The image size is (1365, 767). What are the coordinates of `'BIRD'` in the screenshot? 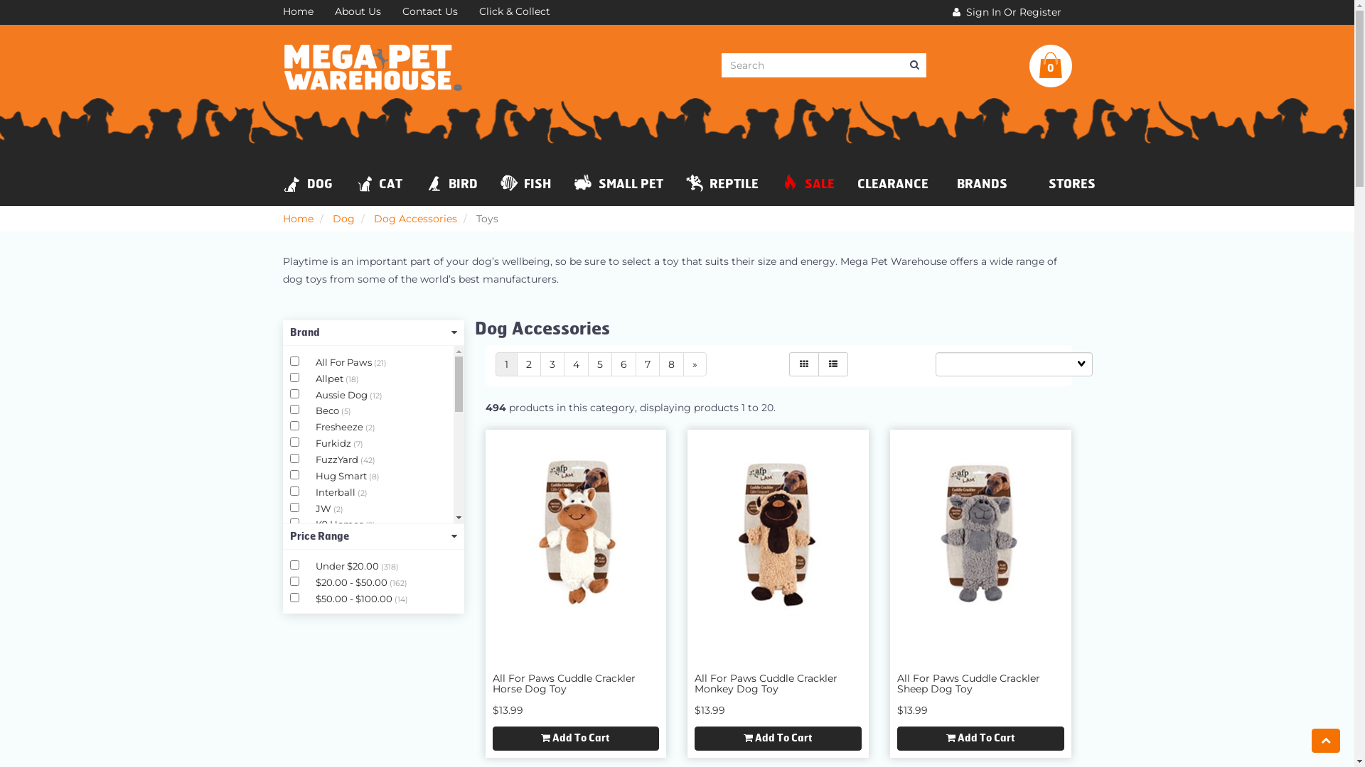 It's located at (450, 183).